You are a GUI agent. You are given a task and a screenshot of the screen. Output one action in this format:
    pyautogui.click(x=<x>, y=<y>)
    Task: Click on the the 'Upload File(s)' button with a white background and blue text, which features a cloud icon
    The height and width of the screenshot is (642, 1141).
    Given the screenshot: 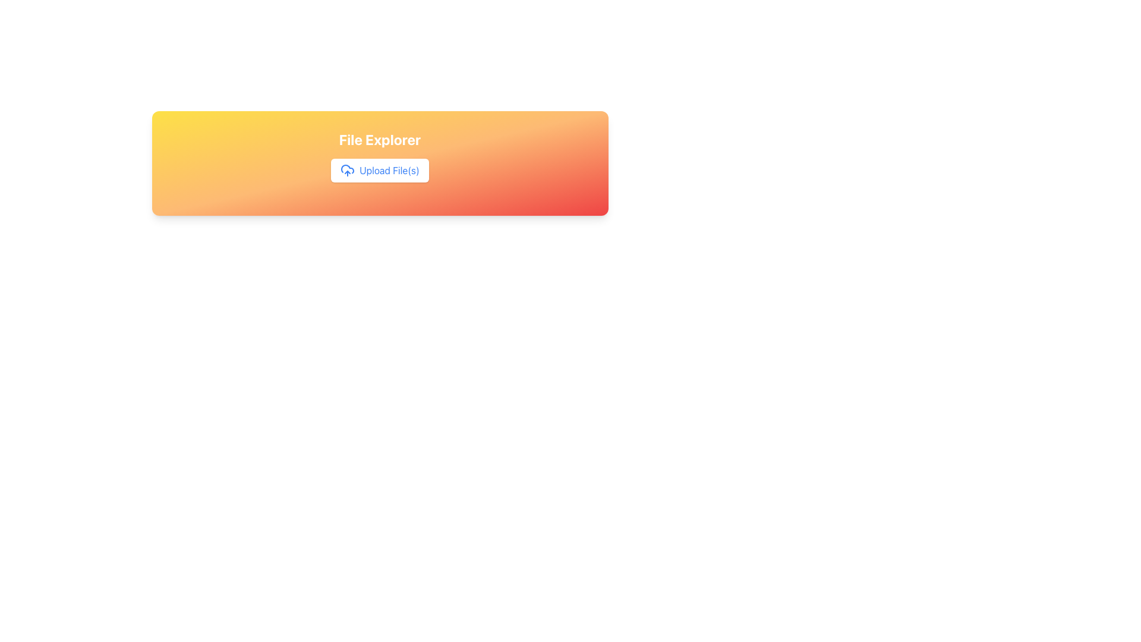 What is the action you would take?
    pyautogui.click(x=379, y=170)
    